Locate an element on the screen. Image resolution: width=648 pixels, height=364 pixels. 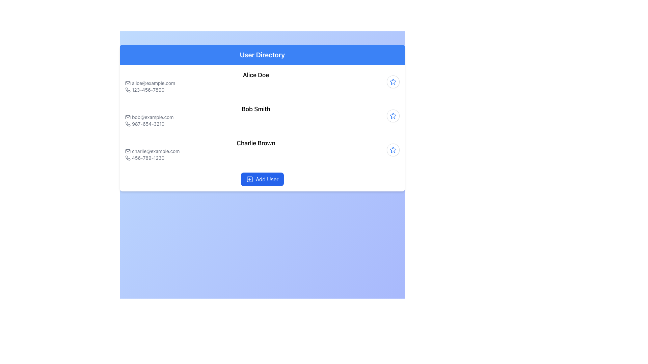
the email icon located at the start of the middle entry in the user details list, which precedes the email address 'bob@example.com' is located at coordinates (128, 117).